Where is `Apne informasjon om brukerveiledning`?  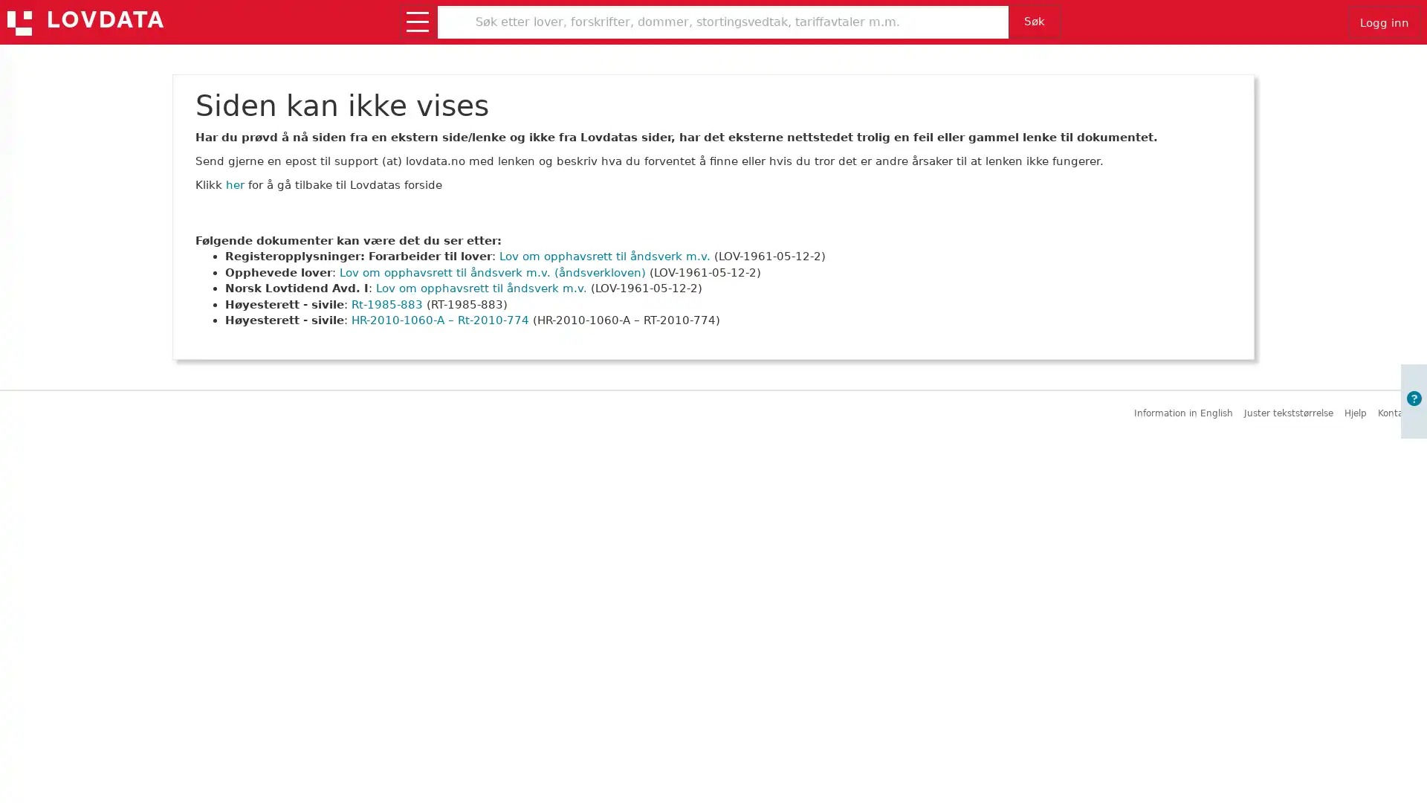 Apne informasjon om brukerveiledning is located at coordinates (1412, 399).